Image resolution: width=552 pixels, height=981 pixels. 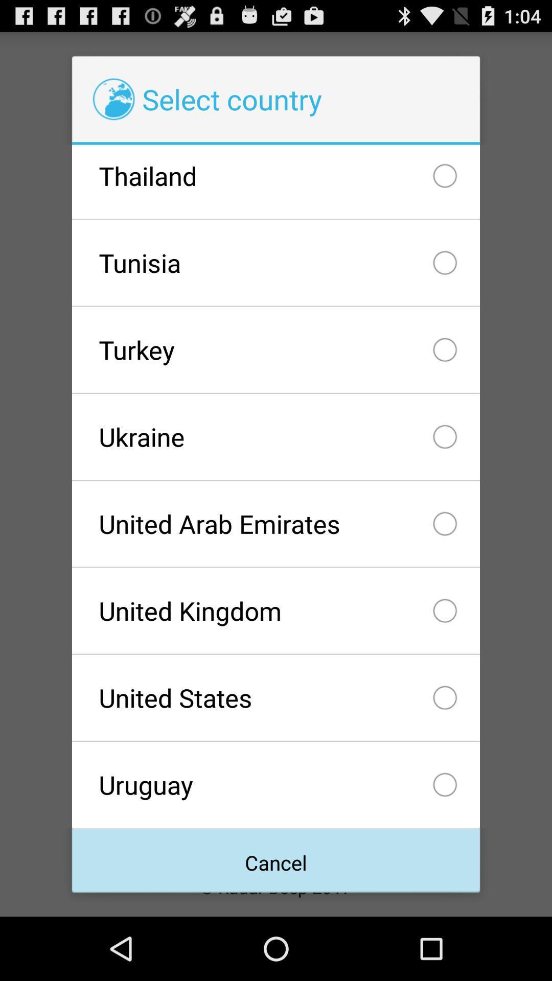 I want to click on ukraine icon, so click(x=276, y=436).